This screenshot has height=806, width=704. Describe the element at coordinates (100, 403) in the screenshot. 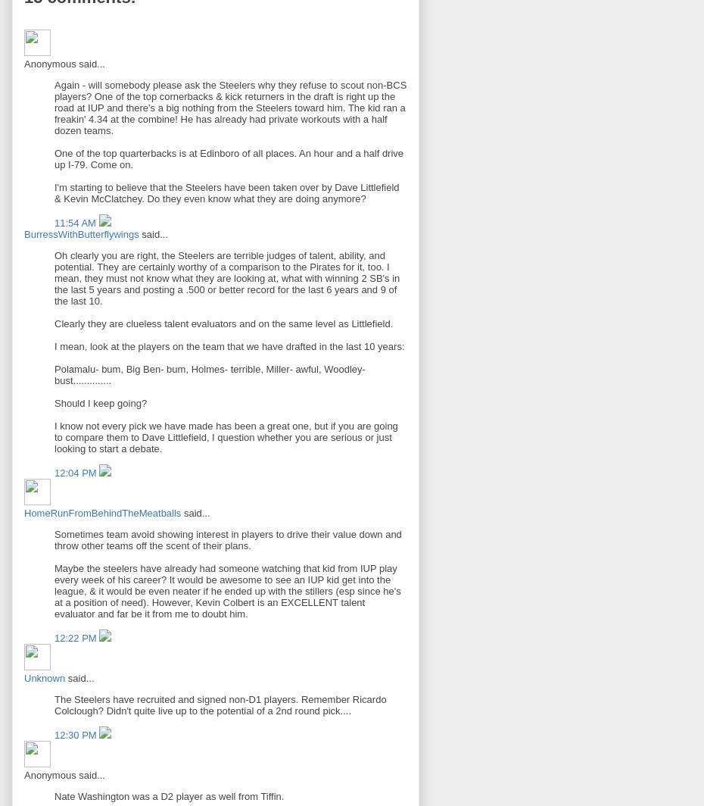

I see `'Should I keep going?'` at that location.